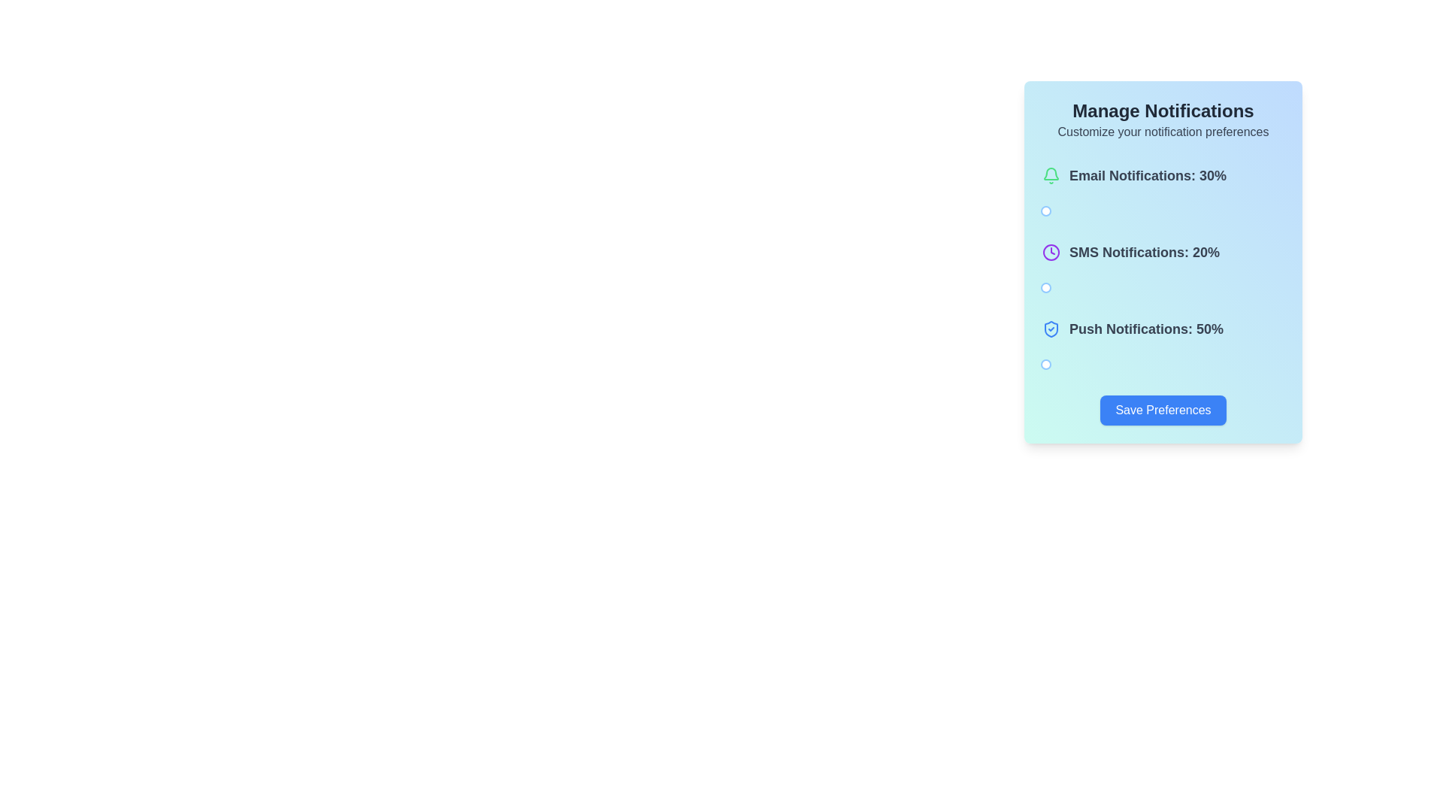 The width and height of the screenshot is (1443, 812). What do you see at coordinates (1045, 287) in the screenshot?
I see `the slider handle for SMS Notifications, which is positioned at 20% along the track` at bounding box center [1045, 287].